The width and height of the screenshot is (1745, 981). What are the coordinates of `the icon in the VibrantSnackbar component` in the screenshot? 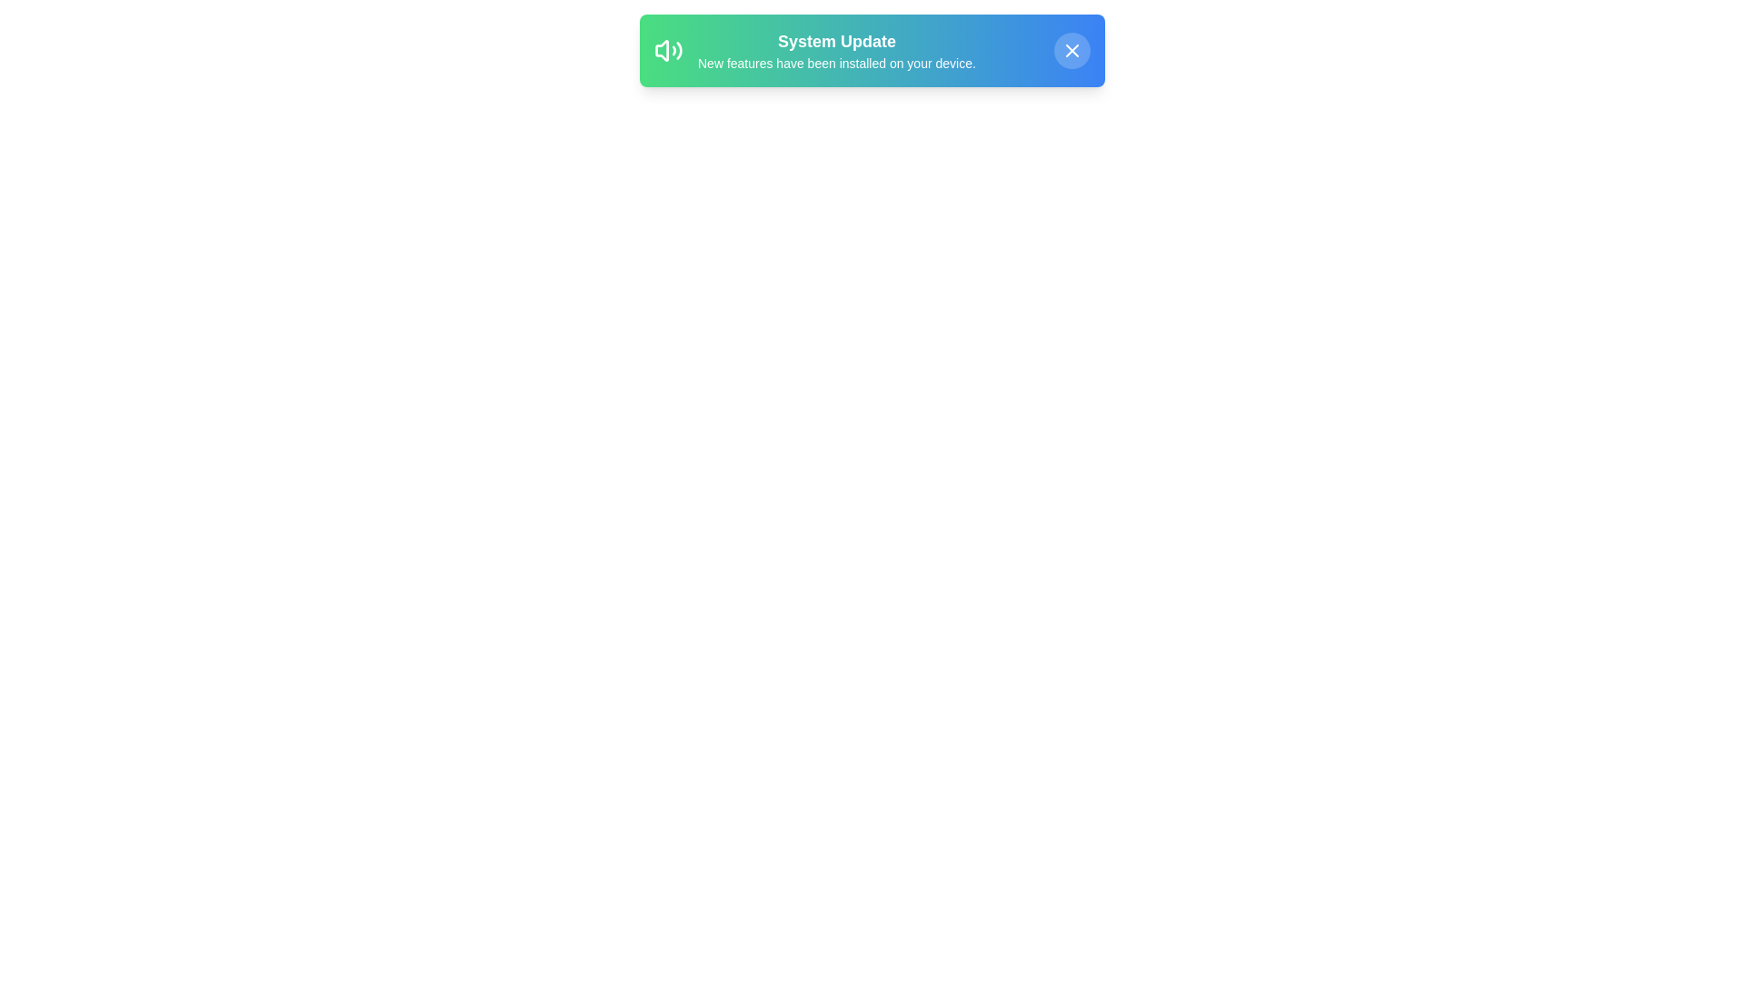 It's located at (667, 50).